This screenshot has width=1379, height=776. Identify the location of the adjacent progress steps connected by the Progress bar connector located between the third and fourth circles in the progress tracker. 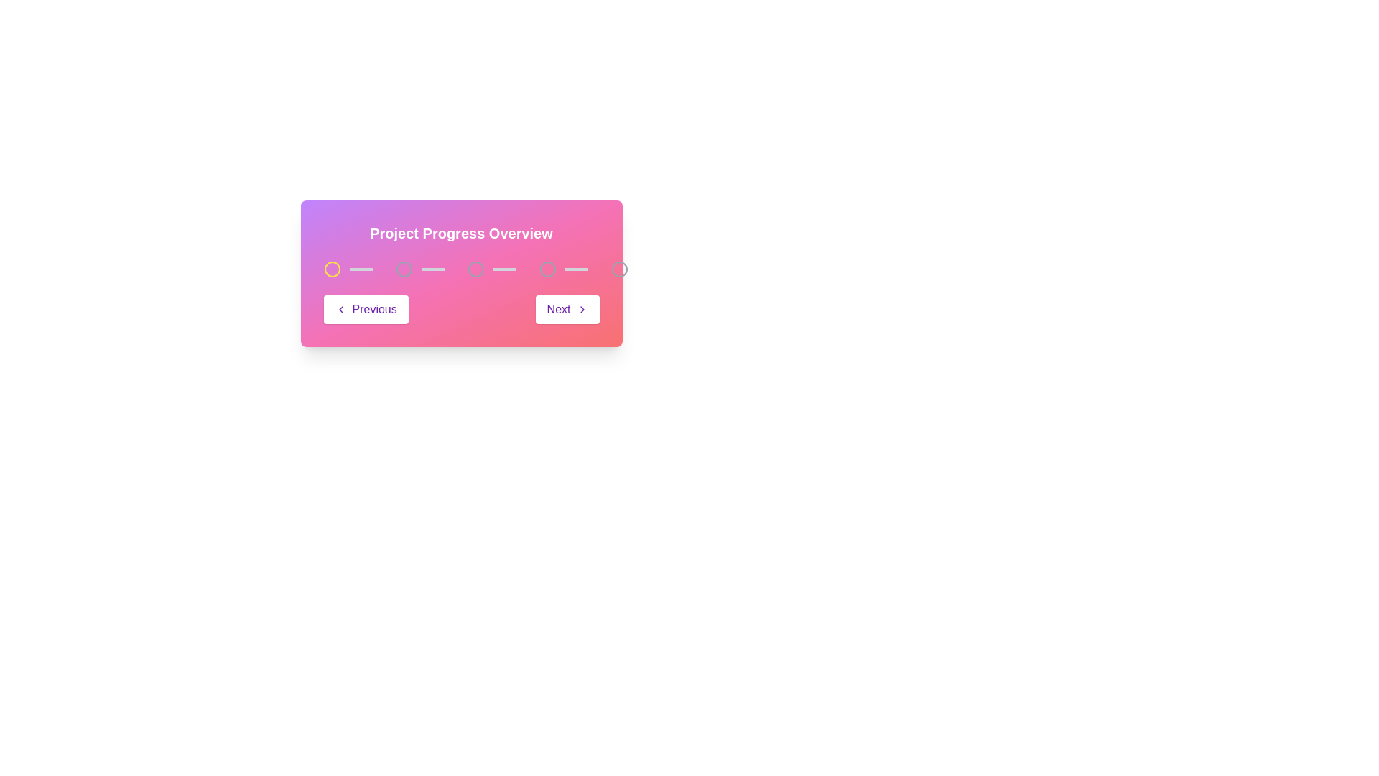
(504, 269).